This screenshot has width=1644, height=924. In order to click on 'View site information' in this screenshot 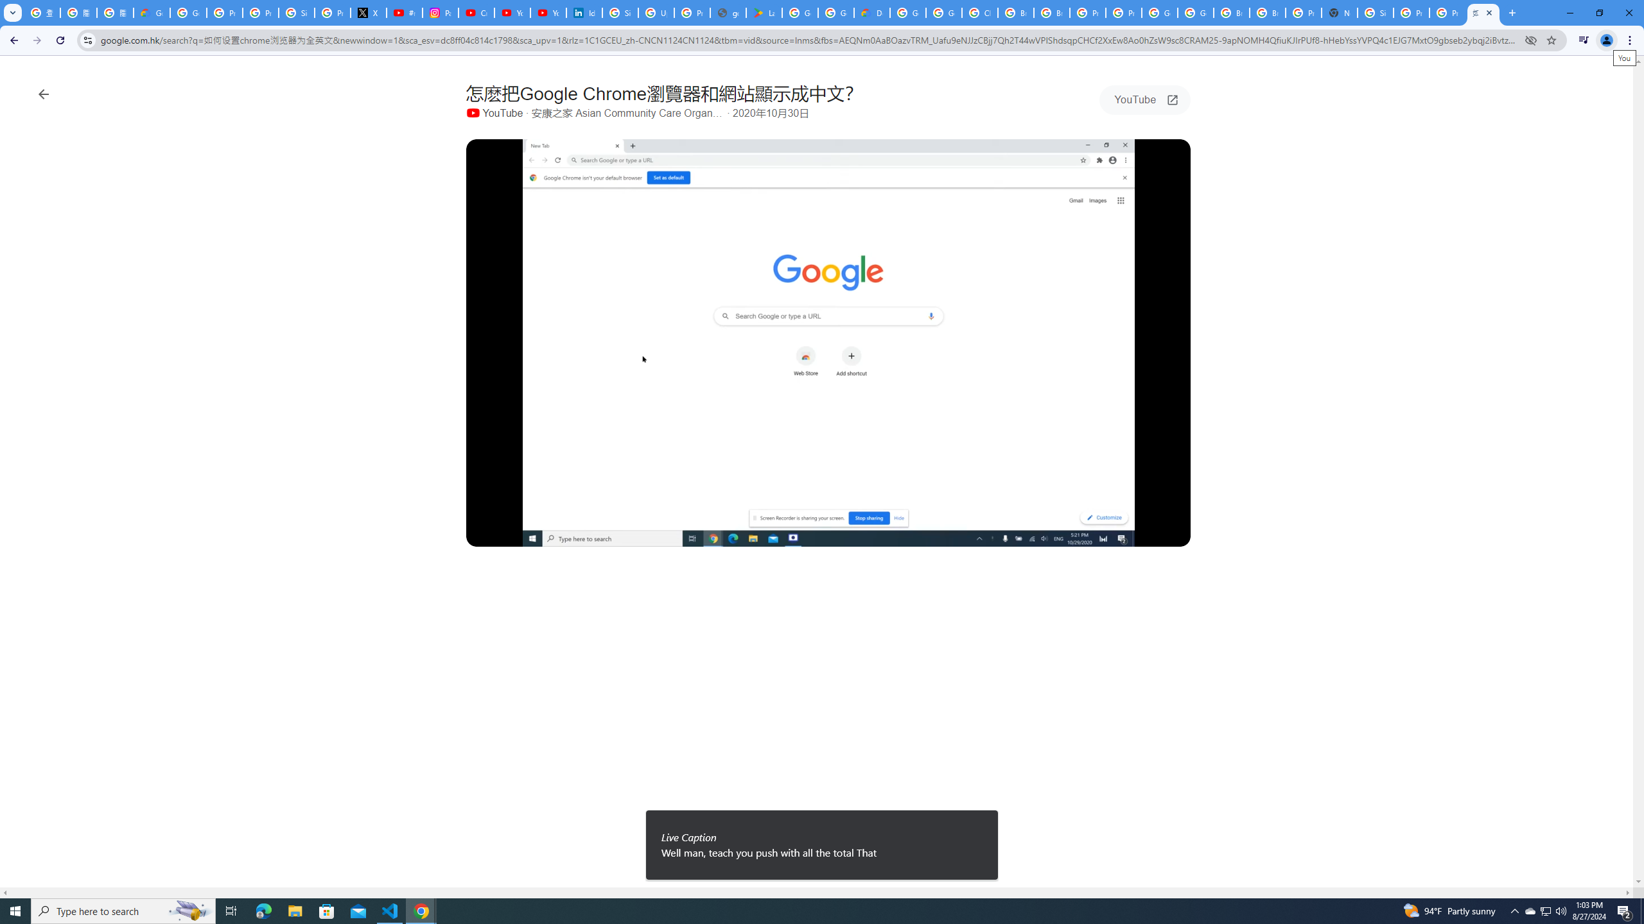, I will do `click(87, 39)`.